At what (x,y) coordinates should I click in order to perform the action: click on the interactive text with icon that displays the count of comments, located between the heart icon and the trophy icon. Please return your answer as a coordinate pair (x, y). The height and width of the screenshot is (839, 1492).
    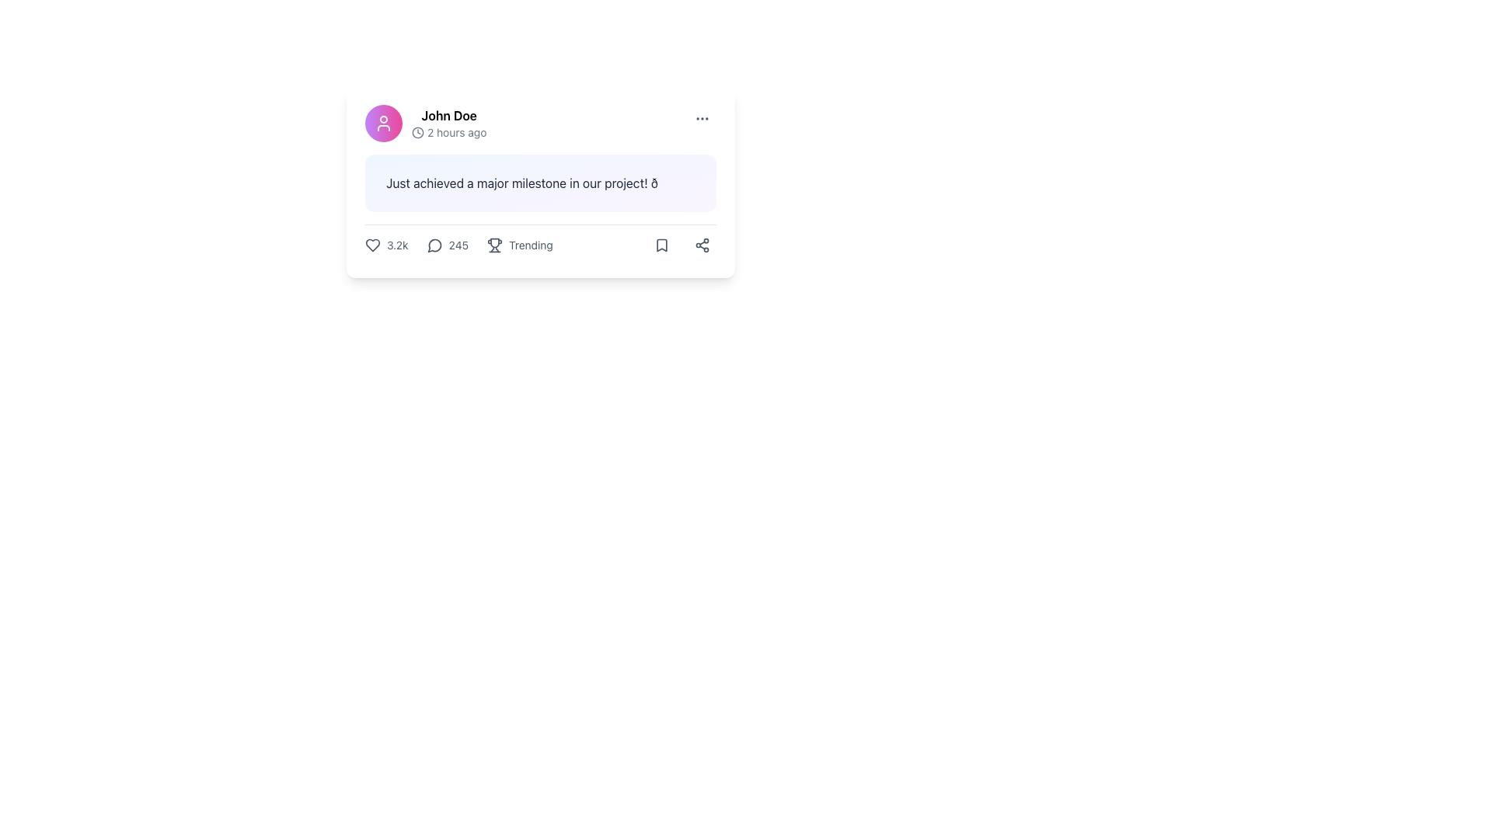
    Looking at the image, I should click on (447, 245).